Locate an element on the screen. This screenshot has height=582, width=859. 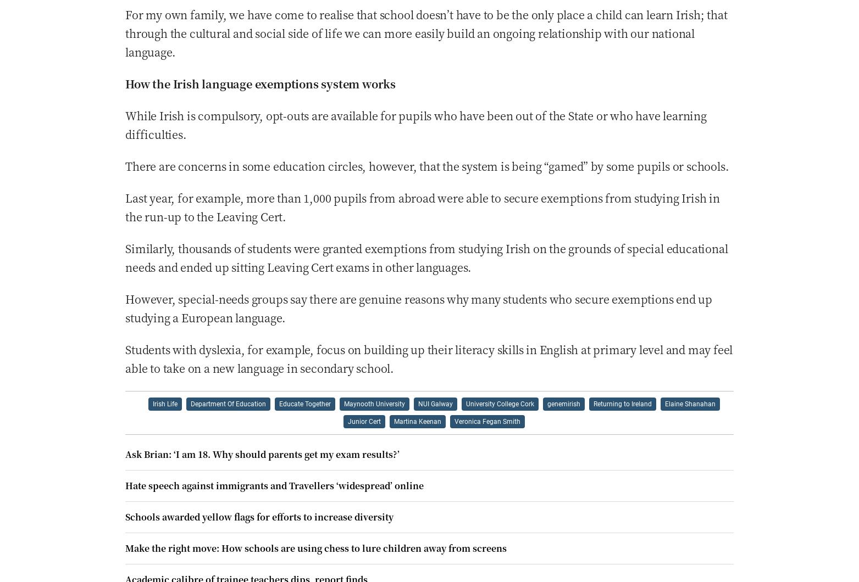
'Educate Together' is located at coordinates (304, 403).